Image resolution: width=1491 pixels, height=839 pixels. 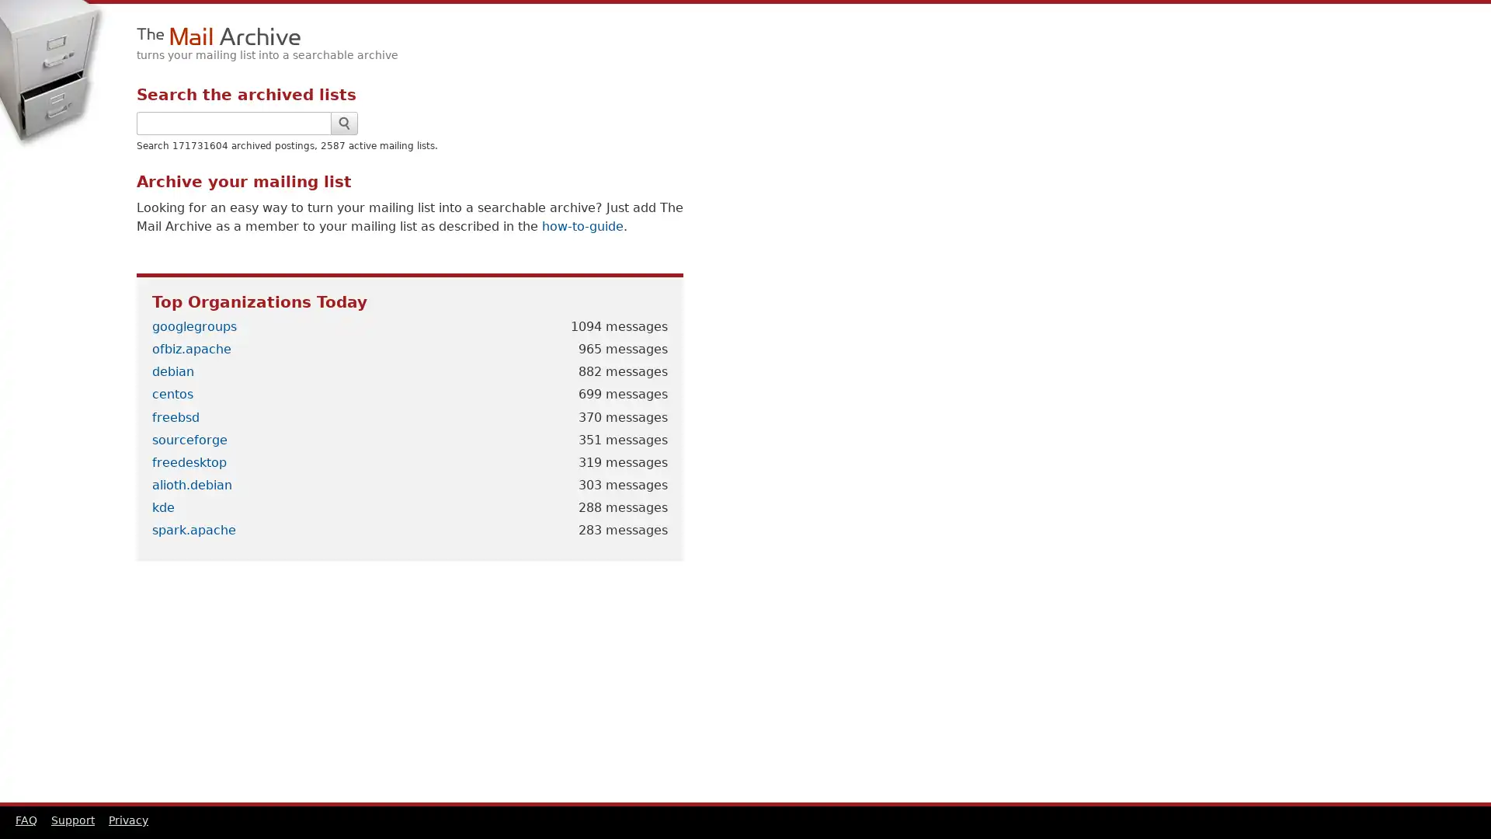 What do you see at coordinates (342, 122) in the screenshot?
I see `Search` at bounding box center [342, 122].